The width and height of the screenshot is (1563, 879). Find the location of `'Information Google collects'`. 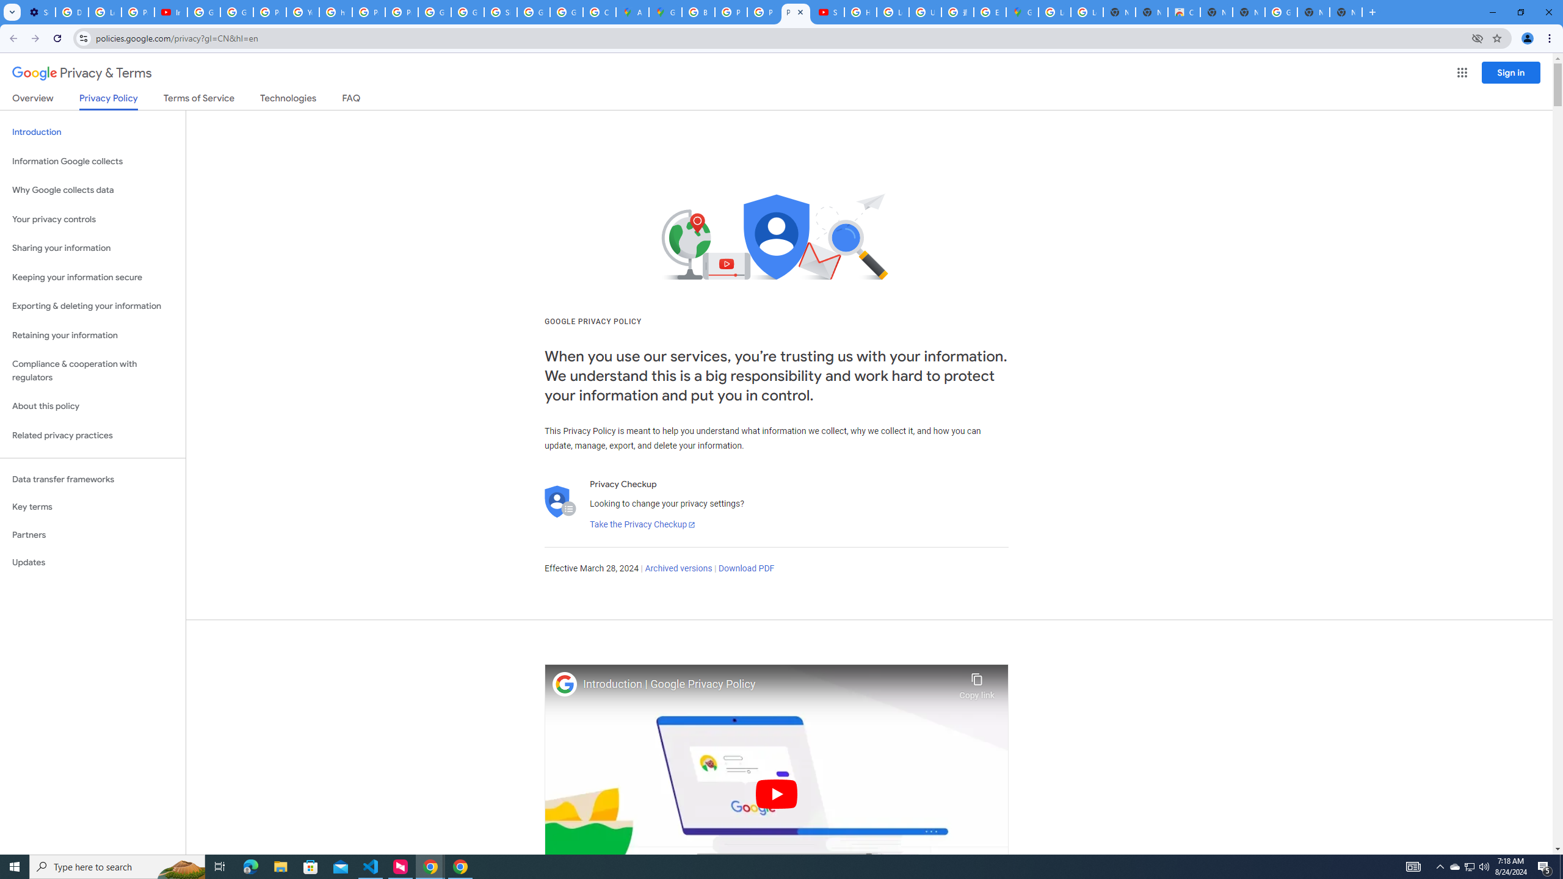

'Information Google collects' is located at coordinates (92, 161).